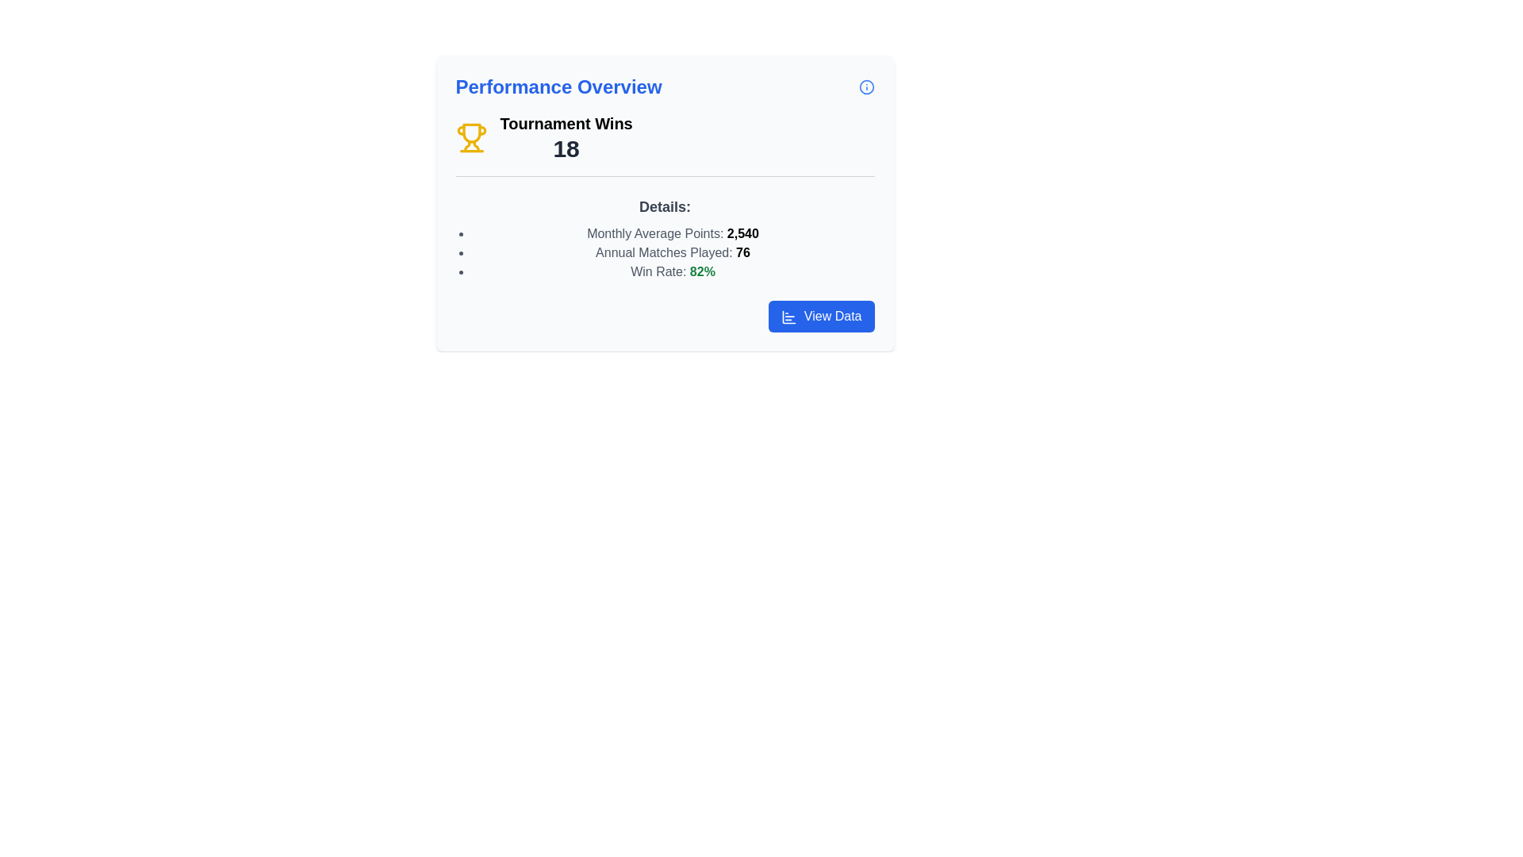 This screenshot has height=857, width=1523. What do you see at coordinates (742, 233) in the screenshot?
I see `the numeric value '2,540' displayed in bold black typography under the 'Details:' section of the card layout, which reads 'Monthly Average Points: 2,540'` at bounding box center [742, 233].